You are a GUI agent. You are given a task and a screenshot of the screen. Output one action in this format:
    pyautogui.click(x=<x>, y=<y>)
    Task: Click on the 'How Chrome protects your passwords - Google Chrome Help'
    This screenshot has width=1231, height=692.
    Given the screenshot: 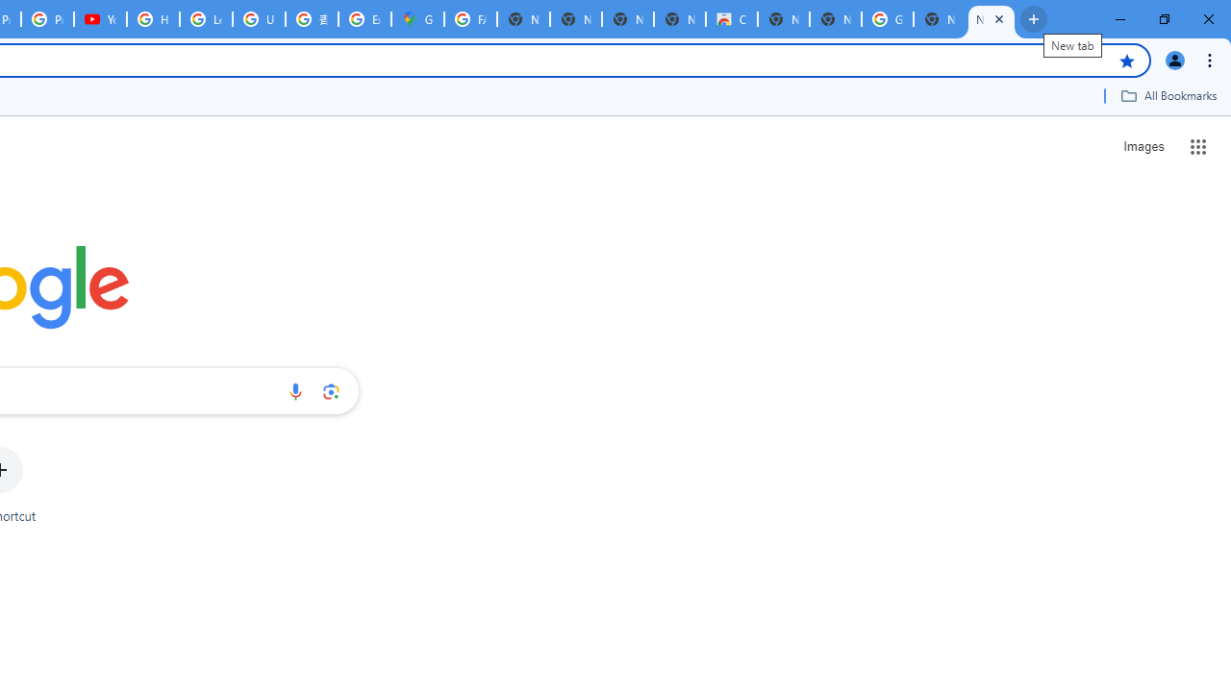 What is the action you would take?
    pyautogui.click(x=152, y=19)
    